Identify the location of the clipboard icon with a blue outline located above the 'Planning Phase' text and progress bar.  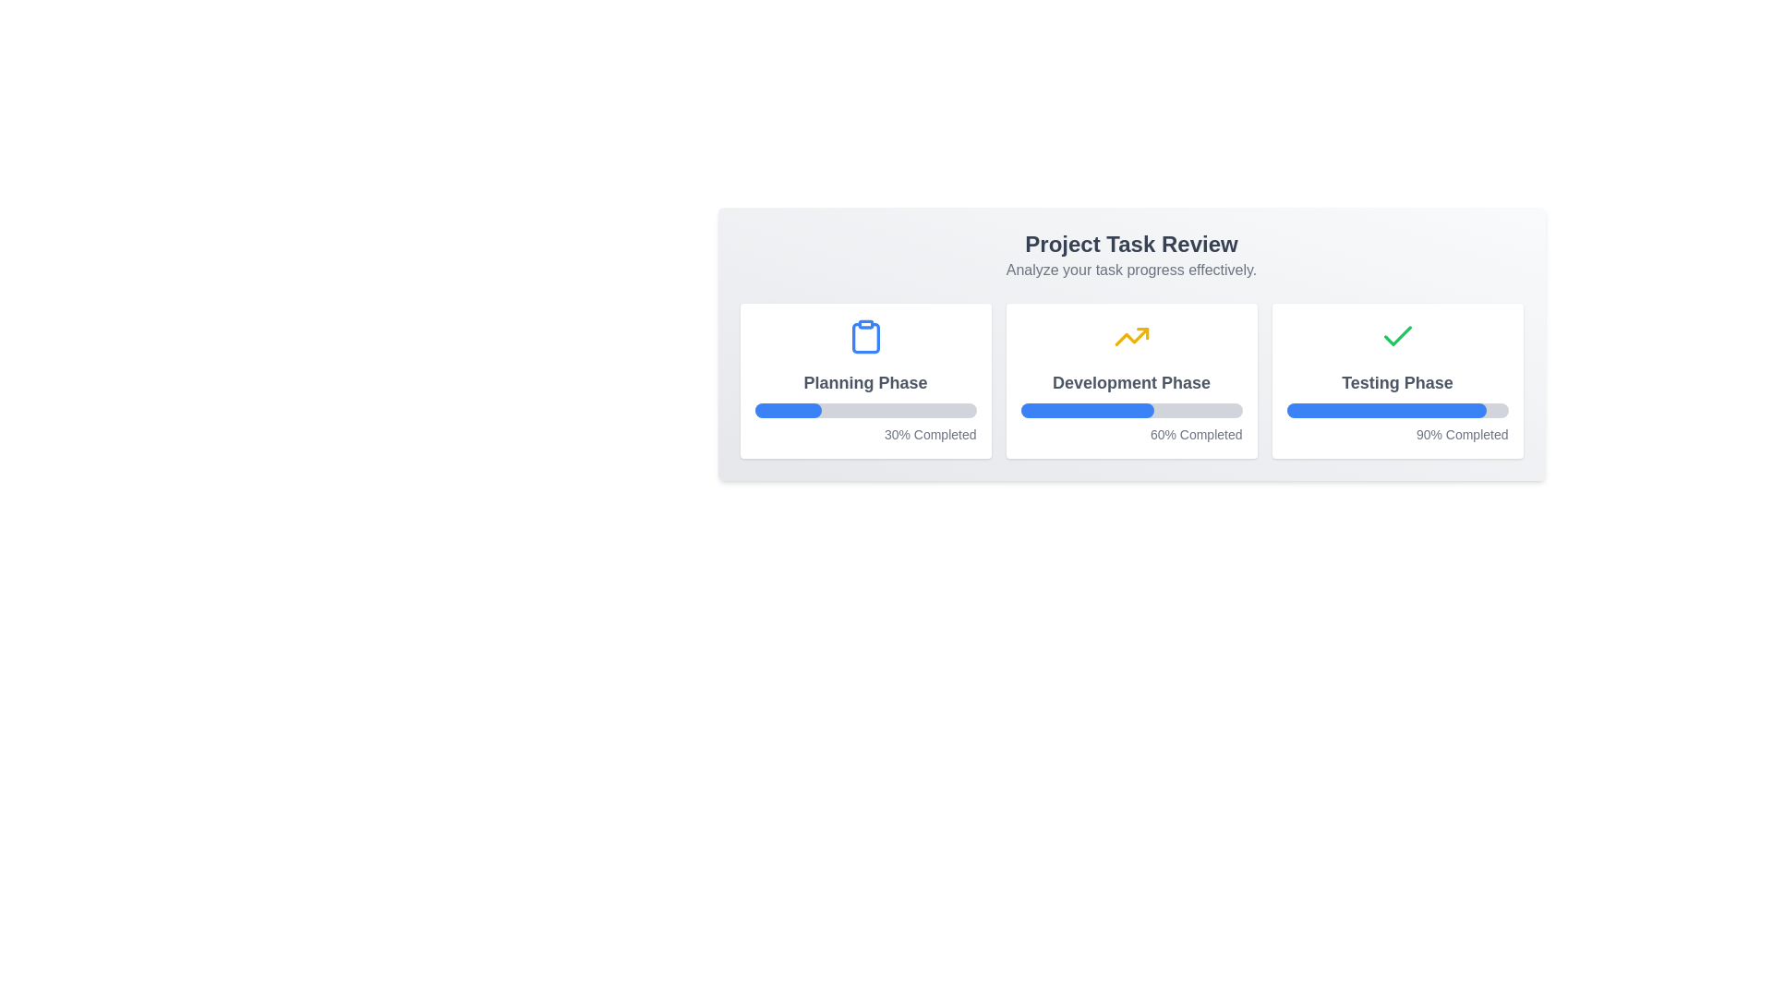
(864, 337).